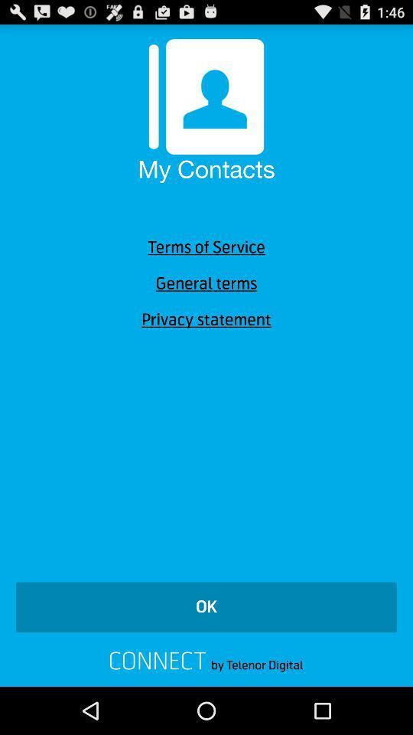 This screenshot has height=735, width=413. What do you see at coordinates (206, 283) in the screenshot?
I see `icon below terms of service` at bounding box center [206, 283].